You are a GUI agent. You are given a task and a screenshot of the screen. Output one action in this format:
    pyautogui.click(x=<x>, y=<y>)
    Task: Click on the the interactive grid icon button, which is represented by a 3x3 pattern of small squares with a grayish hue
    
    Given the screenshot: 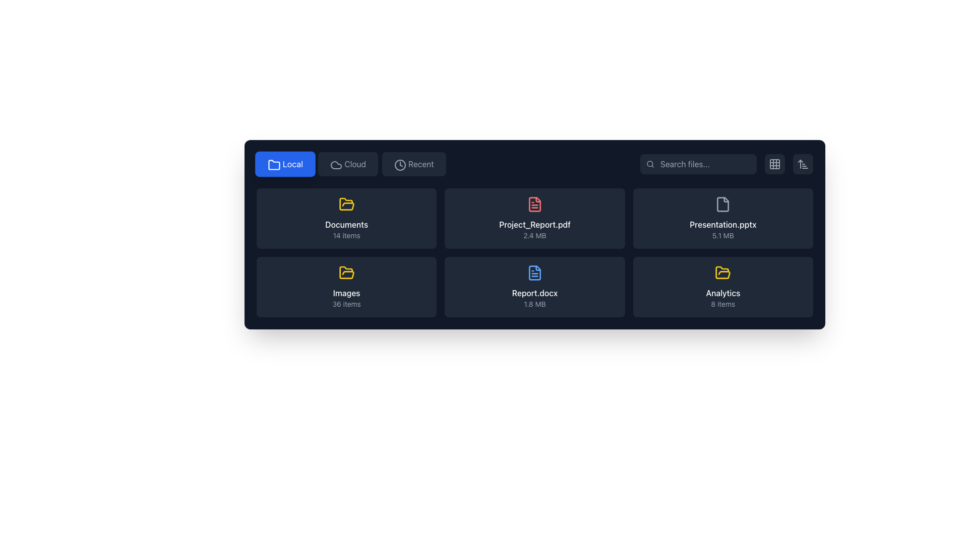 What is the action you would take?
    pyautogui.click(x=774, y=164)
    